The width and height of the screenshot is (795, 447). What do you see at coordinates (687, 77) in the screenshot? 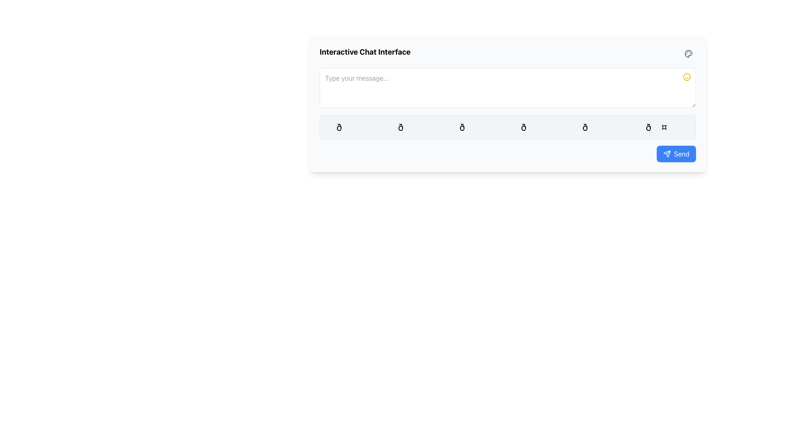
I see `the emoji selector icon button located at the top-right corner of the text input box, adjacent to the placeholder text 'Type your message...'` at bounding box center [687, 77].